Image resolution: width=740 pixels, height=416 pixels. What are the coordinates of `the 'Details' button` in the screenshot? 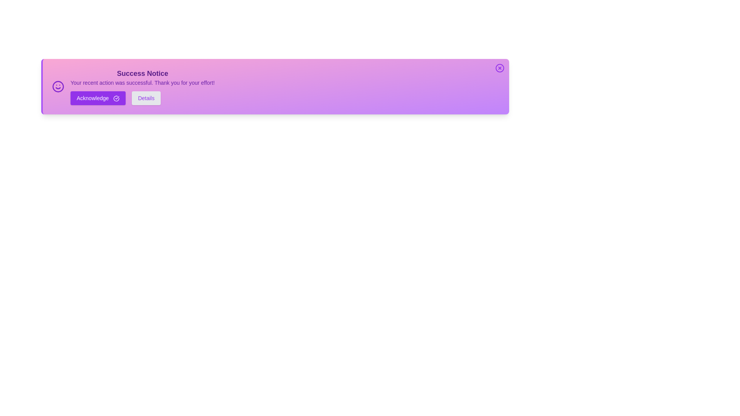 It's located at (146, 97).